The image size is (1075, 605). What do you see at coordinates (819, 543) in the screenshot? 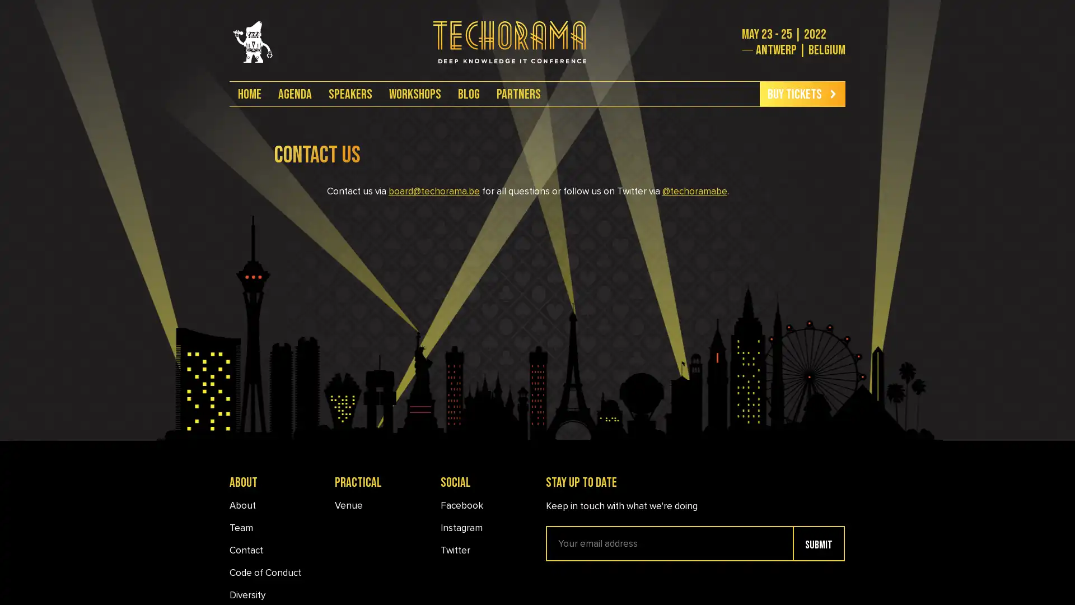
I see `submit` at bounding box center [819, 543].